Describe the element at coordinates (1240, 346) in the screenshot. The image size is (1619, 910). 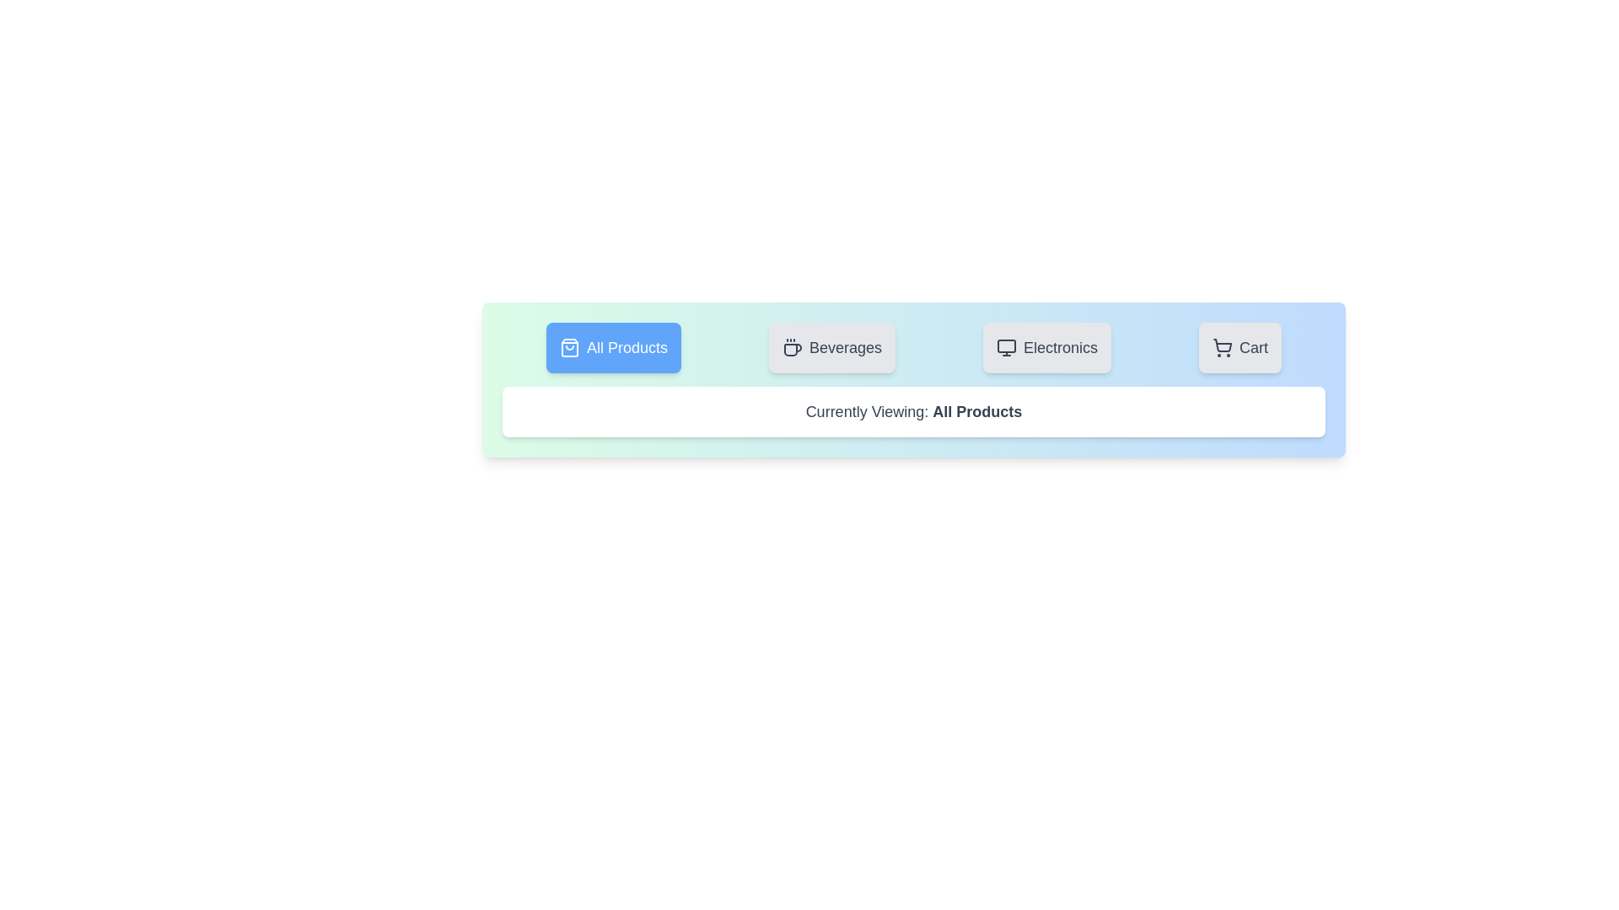
I see `the tab corresponding to Cart` at that location.